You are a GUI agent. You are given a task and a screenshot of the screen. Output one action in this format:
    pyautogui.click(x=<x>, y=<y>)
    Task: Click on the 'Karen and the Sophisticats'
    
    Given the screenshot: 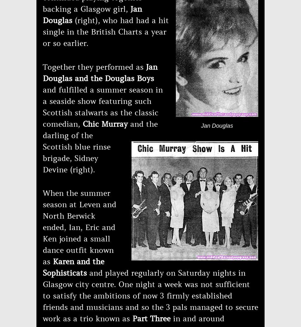 What is the action you would take?
    pyautogui.click(x=42, y=267)
    